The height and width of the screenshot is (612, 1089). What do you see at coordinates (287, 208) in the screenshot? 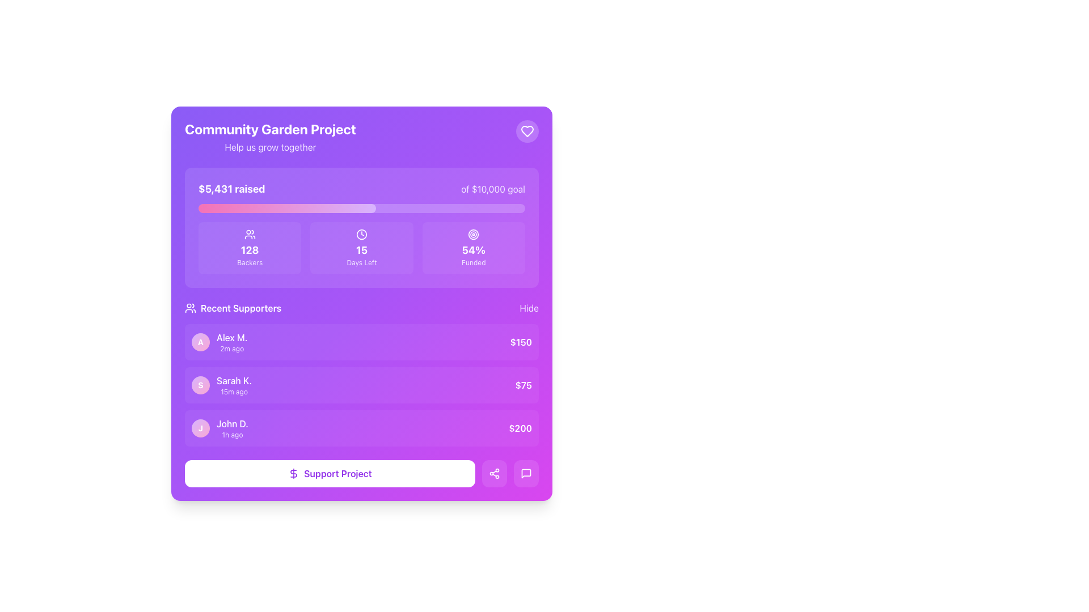
I see `the progress represented by the rectangular progress bar with a gradient background, located beneath the fundraising progress text and above the statistic tiles` at bounding box center [287, 208].